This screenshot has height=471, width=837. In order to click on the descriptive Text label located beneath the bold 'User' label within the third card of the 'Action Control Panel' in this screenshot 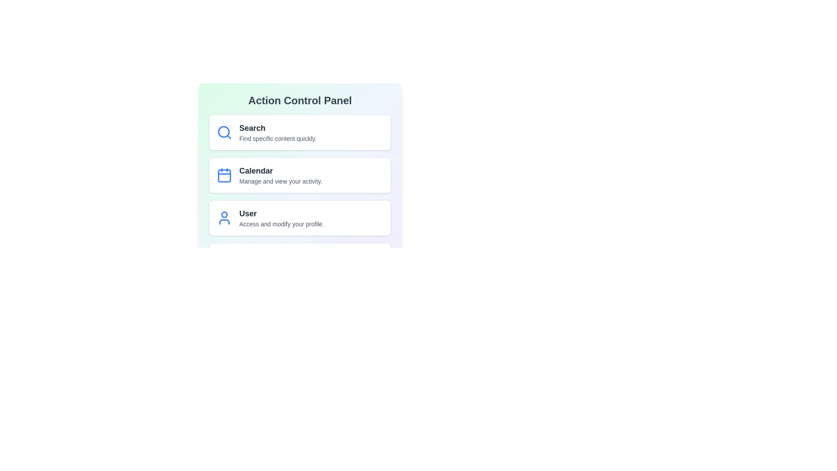, I will do `click(282, 223)`.